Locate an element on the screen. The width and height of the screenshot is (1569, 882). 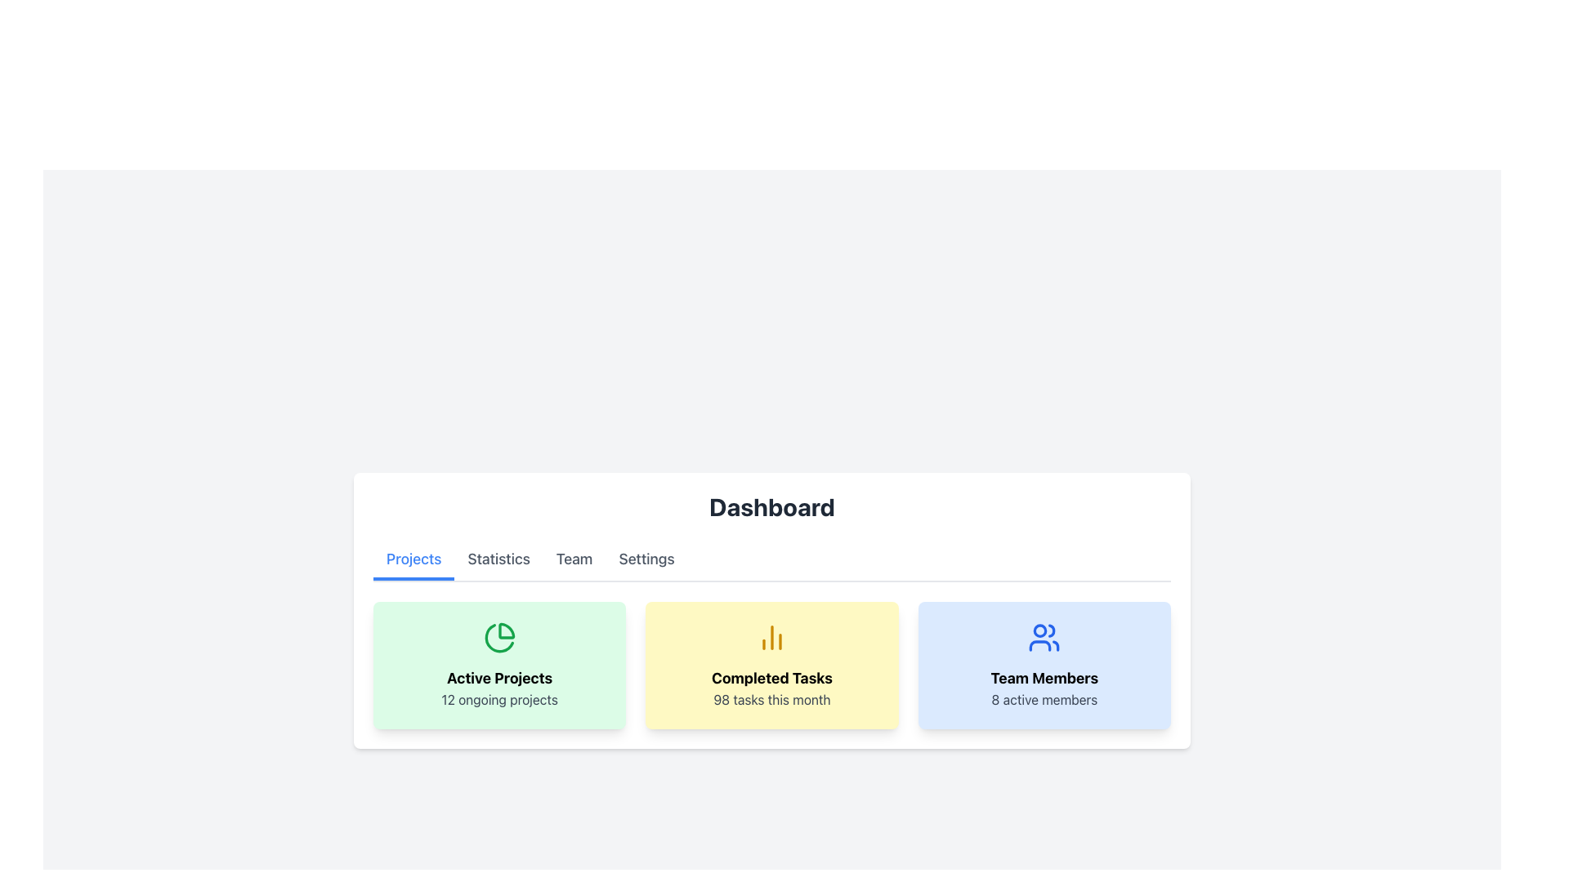
the 'Team Members' icon, which visually represents a group of users and is located above the text 'Team Members 8 active members' is located at coordinates (1043, 636).